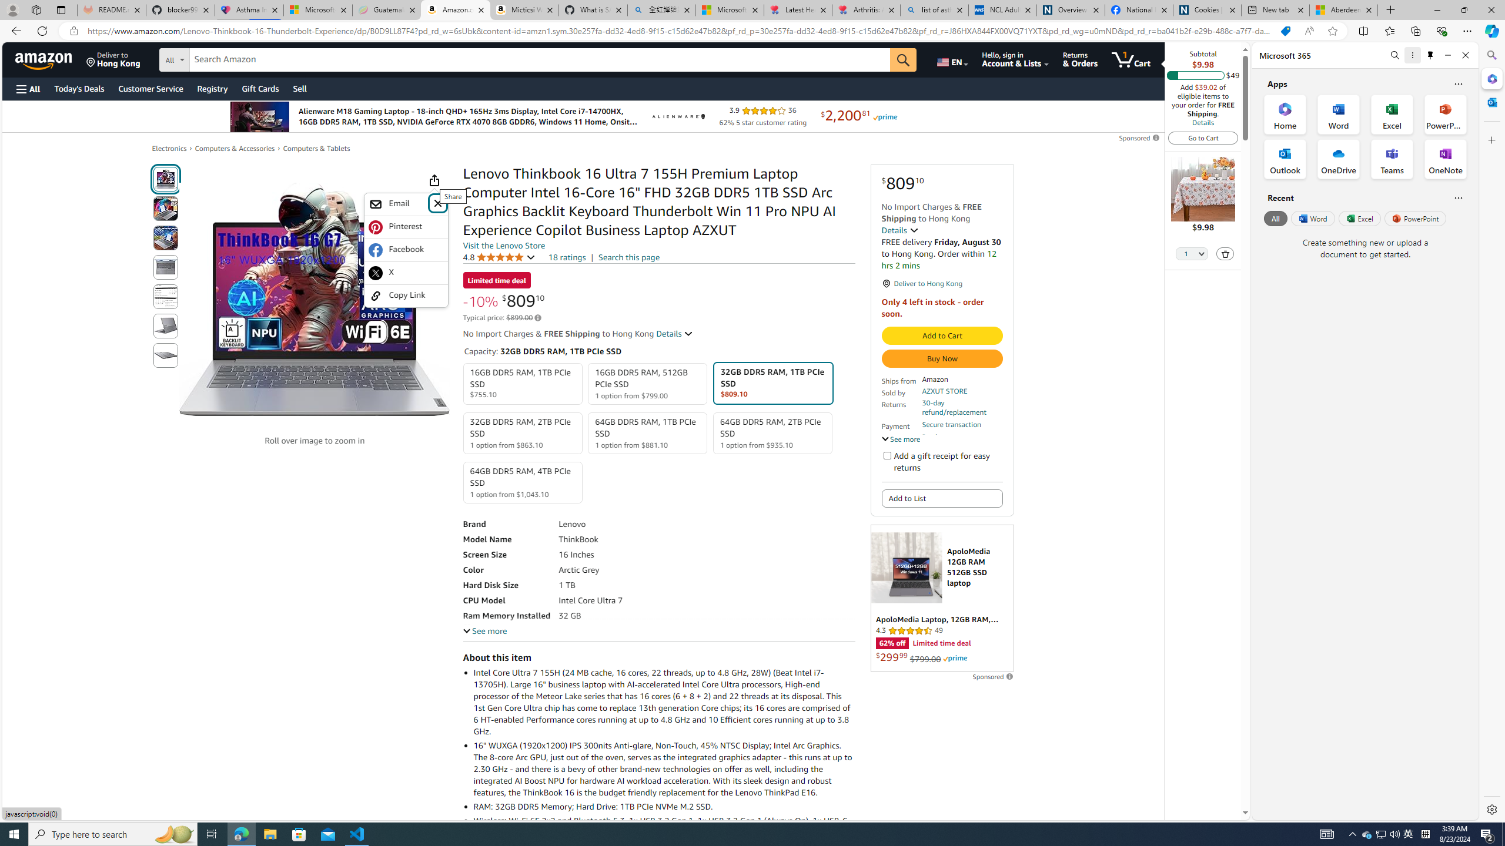 This screenshot has height=846, width=1505. I want to click on 'Choose a language for shopping.', so click(951, 59).